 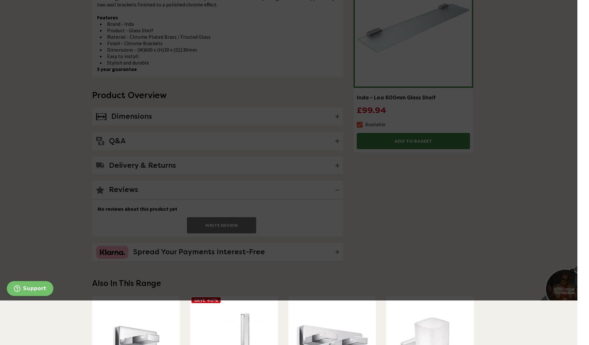 What do you see at coordinates (136, 208) in the screenshot?
I see `'No reviews about this product yet'` at bounding box center [136, 208].